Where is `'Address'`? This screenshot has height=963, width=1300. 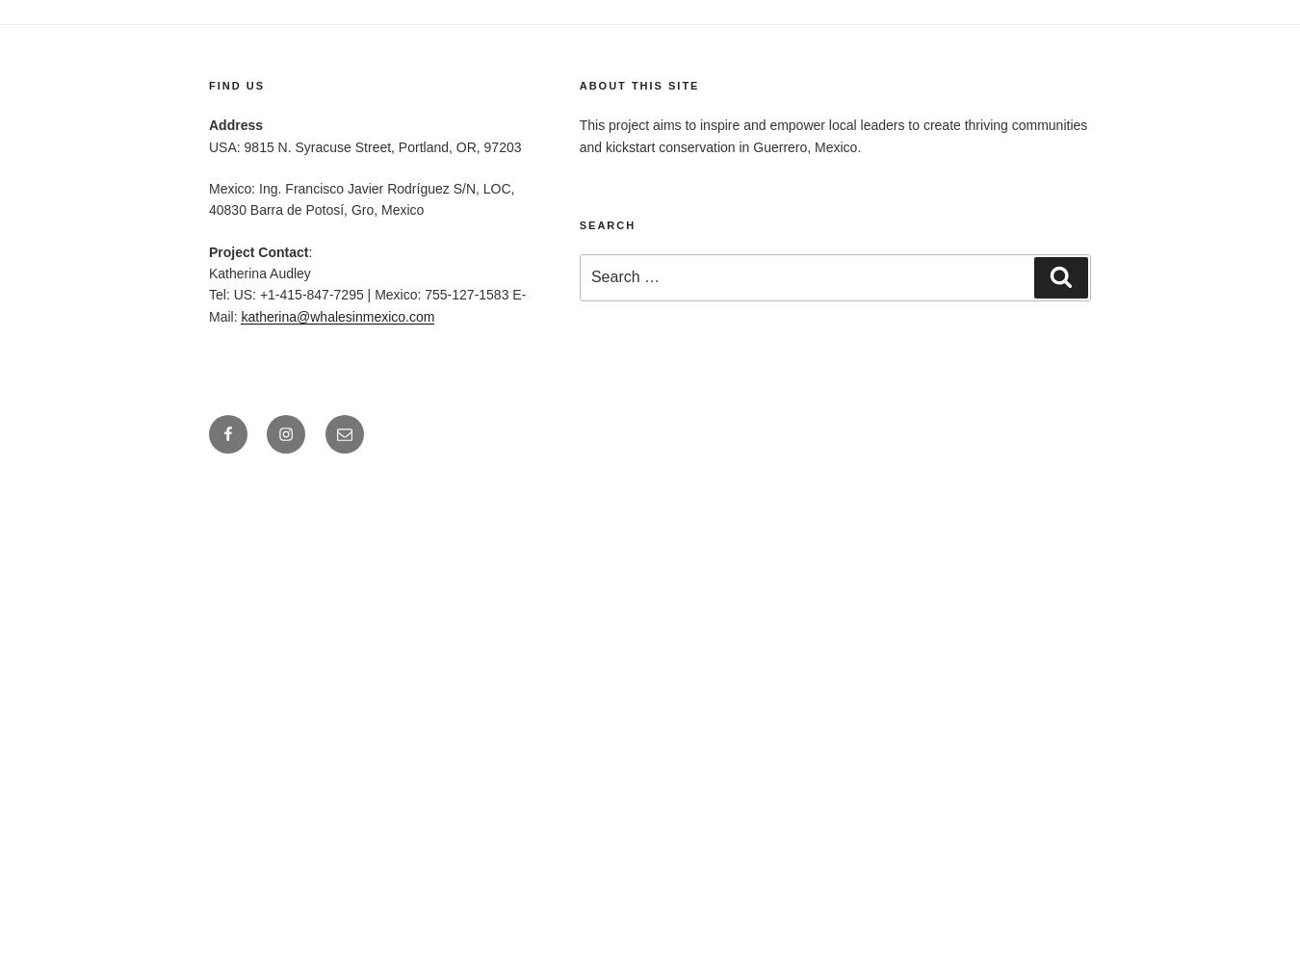
'Address' is located at coordinates (235, 125).